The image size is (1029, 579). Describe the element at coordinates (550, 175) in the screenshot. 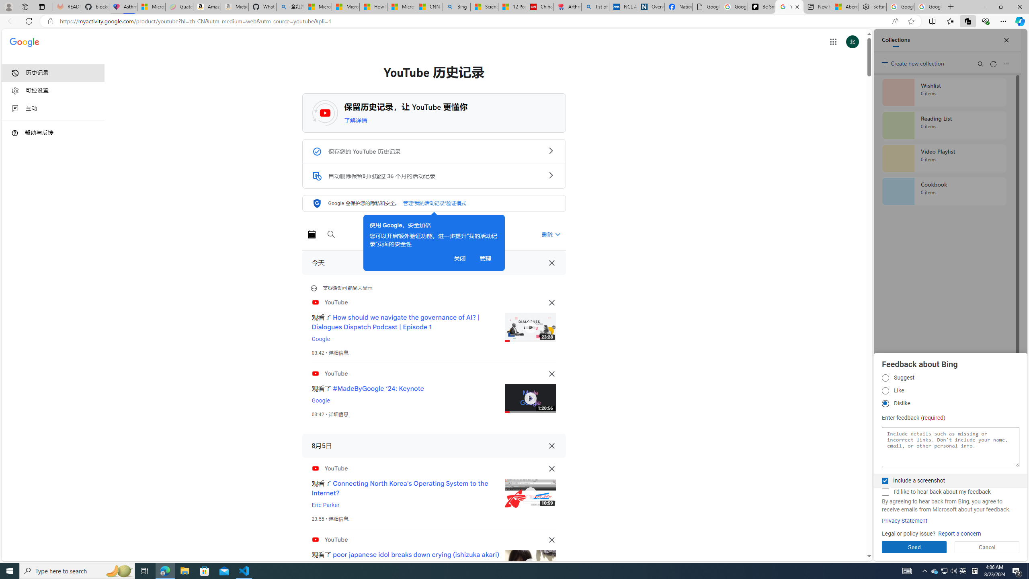

I see `'Class: gD71Gb NMm5M hhikbc'` at that location.